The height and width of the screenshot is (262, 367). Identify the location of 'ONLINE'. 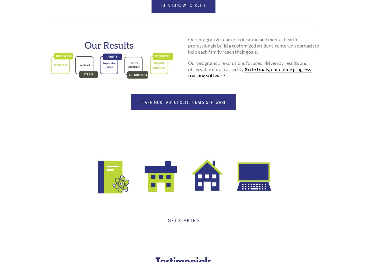
(254, 200).